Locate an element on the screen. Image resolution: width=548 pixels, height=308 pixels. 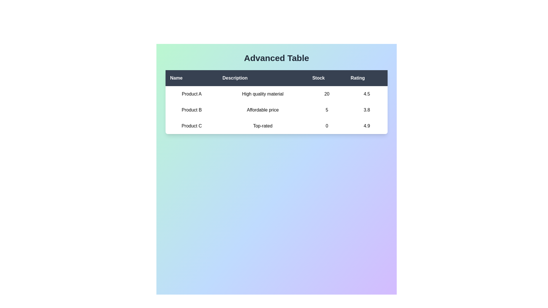
the third row in the data table that contains information about 'Product C', located beneath the rows for 'Product A' and 'Product B' is located at coordinates (277, 126).